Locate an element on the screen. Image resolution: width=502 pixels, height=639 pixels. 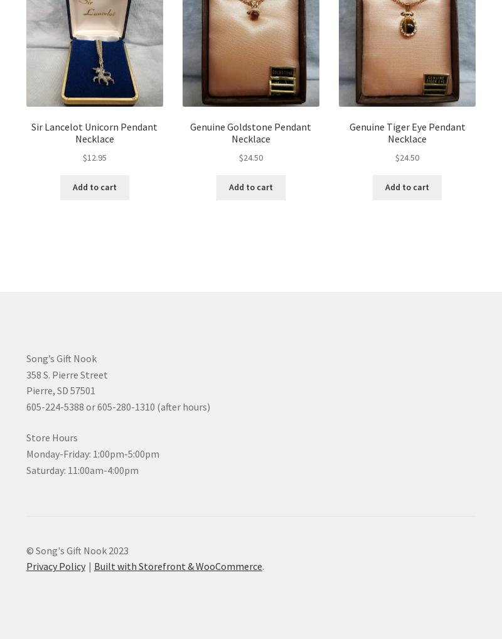
'.' is located at coordinates (262, 566).